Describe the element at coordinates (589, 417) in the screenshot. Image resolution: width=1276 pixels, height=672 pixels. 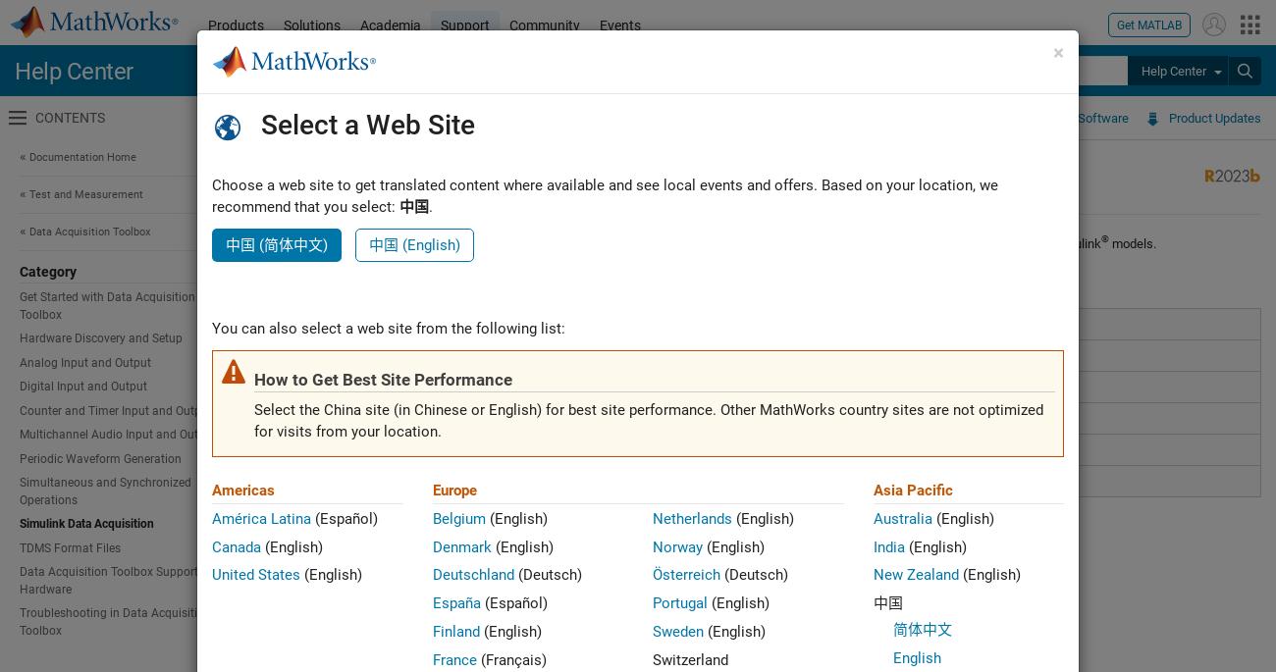
I see `'Output single sample to multiple analog channels of data acquisition
      device'` at that location.